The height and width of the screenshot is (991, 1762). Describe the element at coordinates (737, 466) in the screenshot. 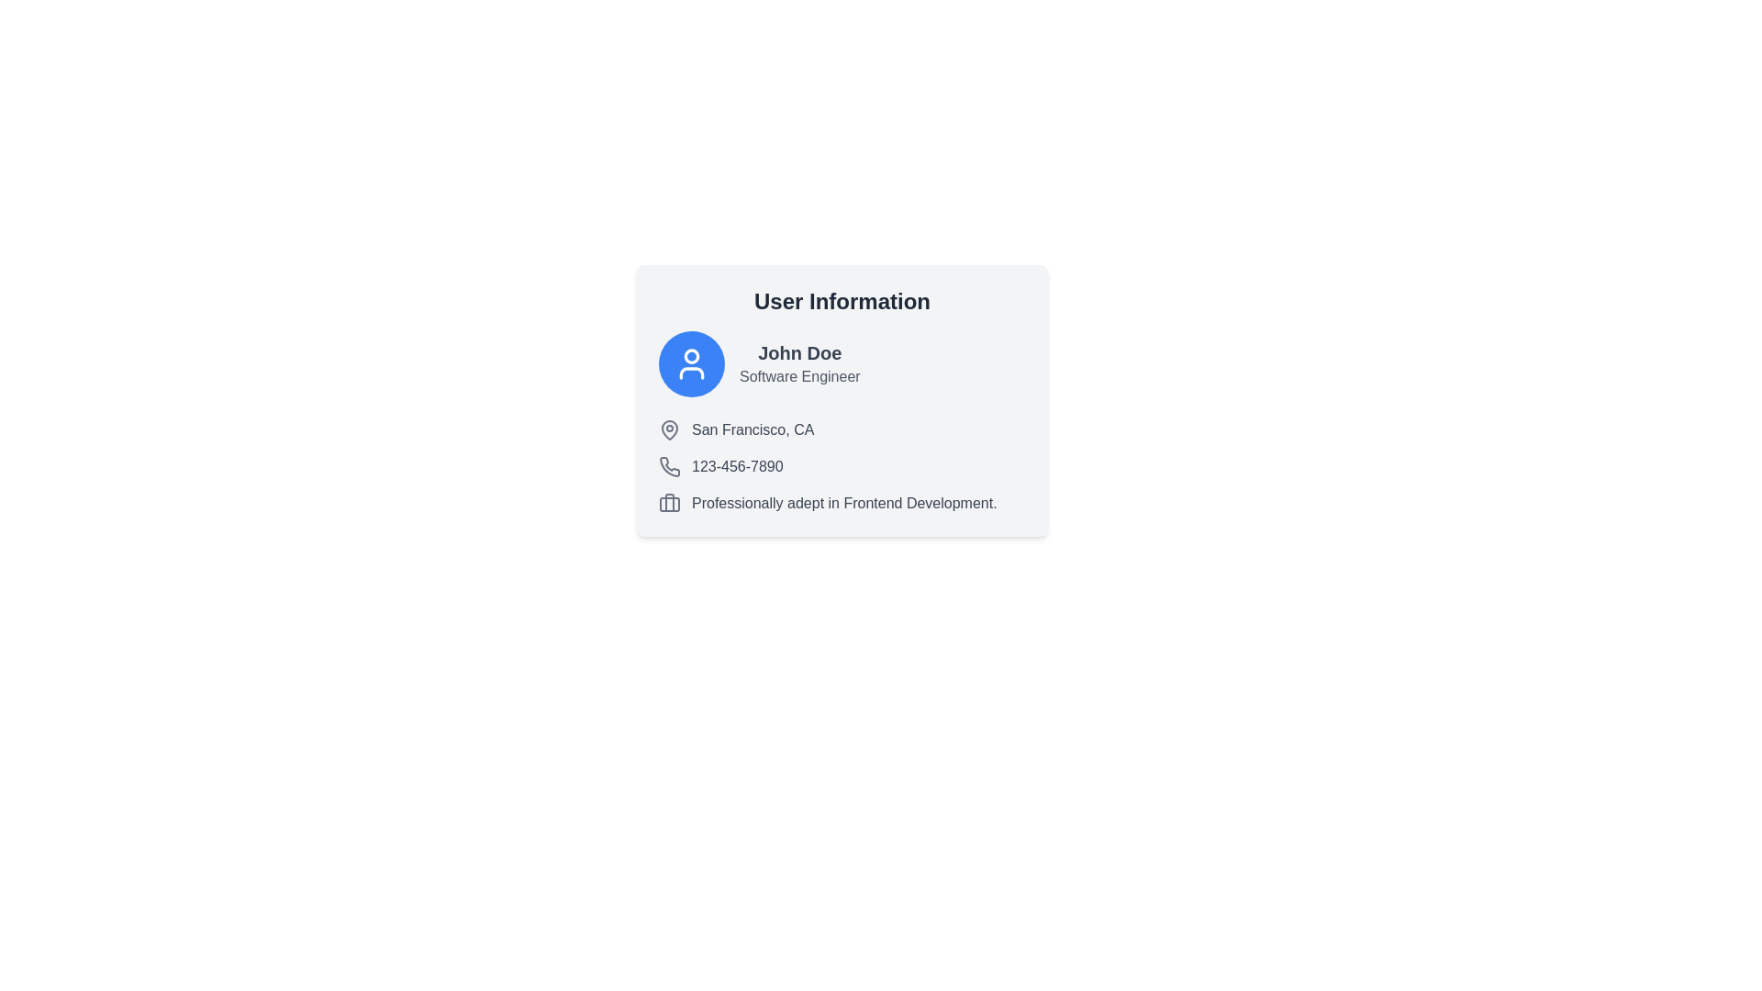

I see `the static text label displaying the user's phone number, located to the right of the phone icon in the contact information section of the user profile card` at that location.